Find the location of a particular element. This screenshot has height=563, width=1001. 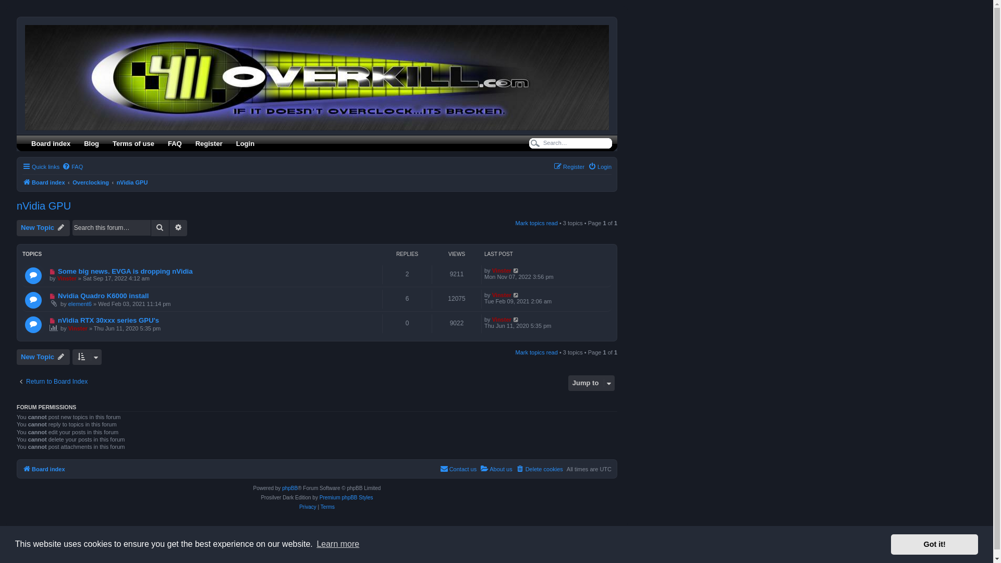

'Quick links' is located at coordinates (41, 166).